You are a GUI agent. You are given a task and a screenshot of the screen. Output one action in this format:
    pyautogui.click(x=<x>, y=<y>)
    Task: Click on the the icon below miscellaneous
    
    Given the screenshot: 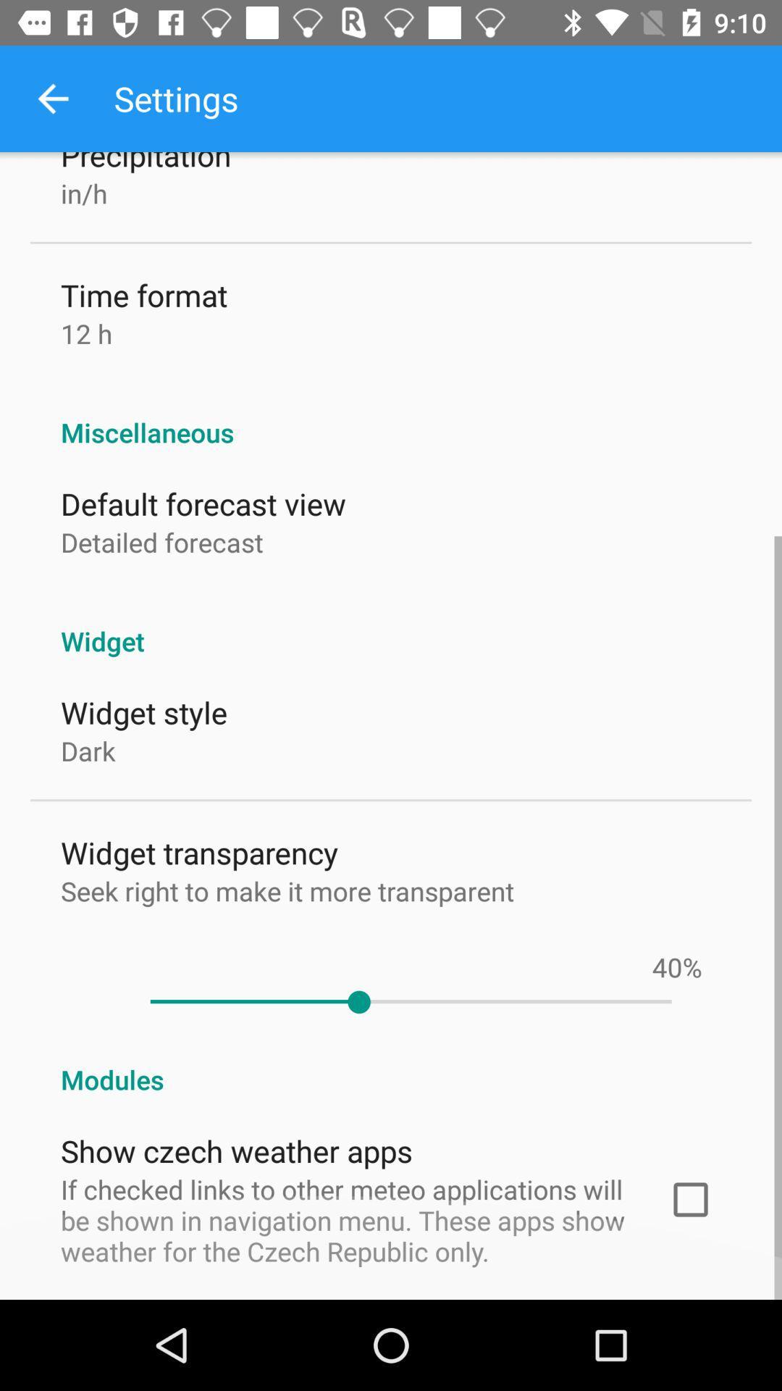 What is the action you would take?
    pyautogui.click(x=203, y=504)
    